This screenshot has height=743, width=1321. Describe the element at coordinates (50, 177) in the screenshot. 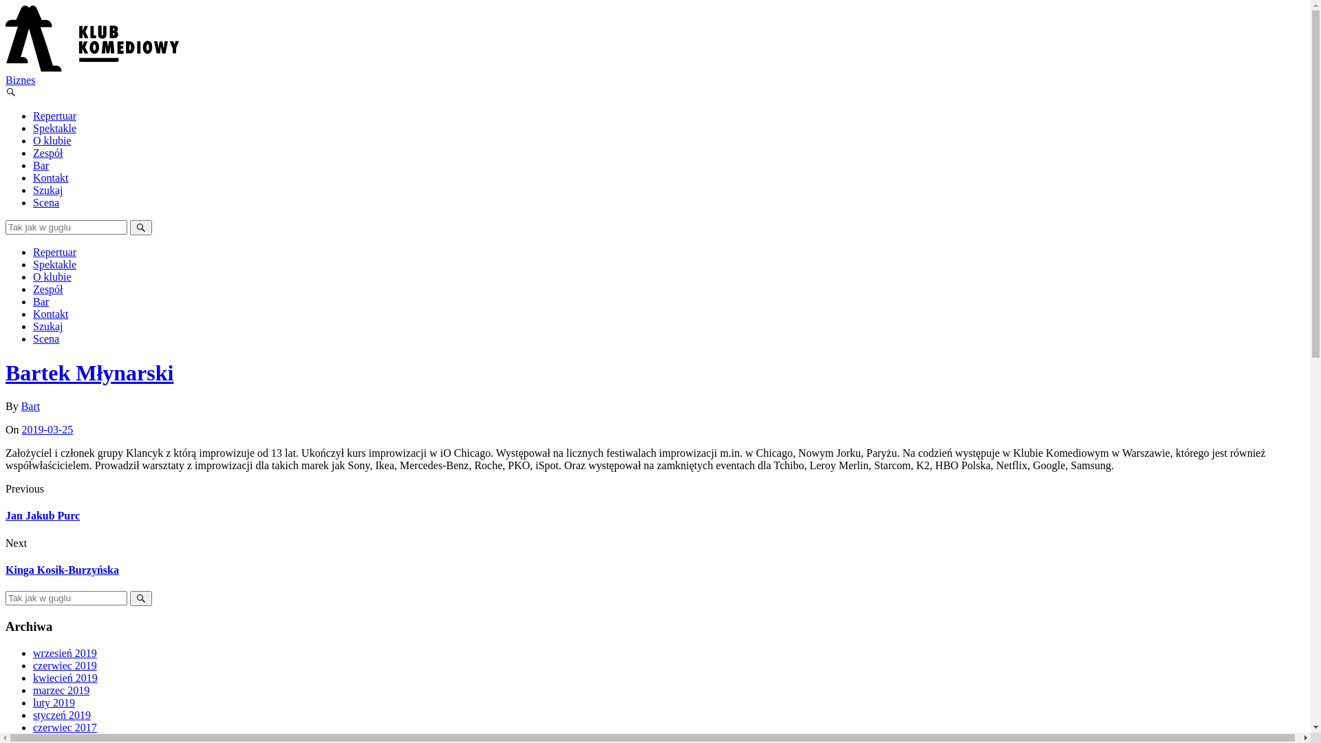

I see `'Kontakt'` at that location.